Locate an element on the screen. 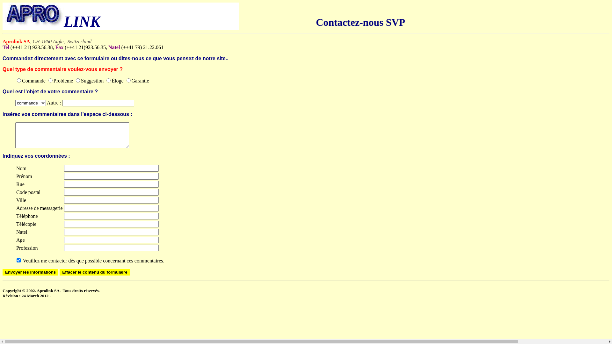 The height and width of the screenshot is (344, 612). 'Envoyer les informations' is located at coordinates (30, 272).